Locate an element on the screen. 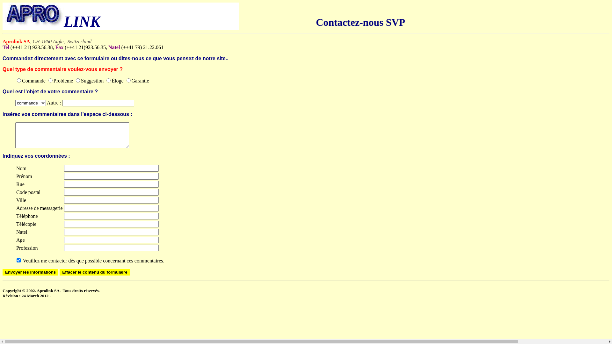 The height and width of the screenshot is (344, 612). 'Envoyer les informations' is located at coordinates (30, 272).